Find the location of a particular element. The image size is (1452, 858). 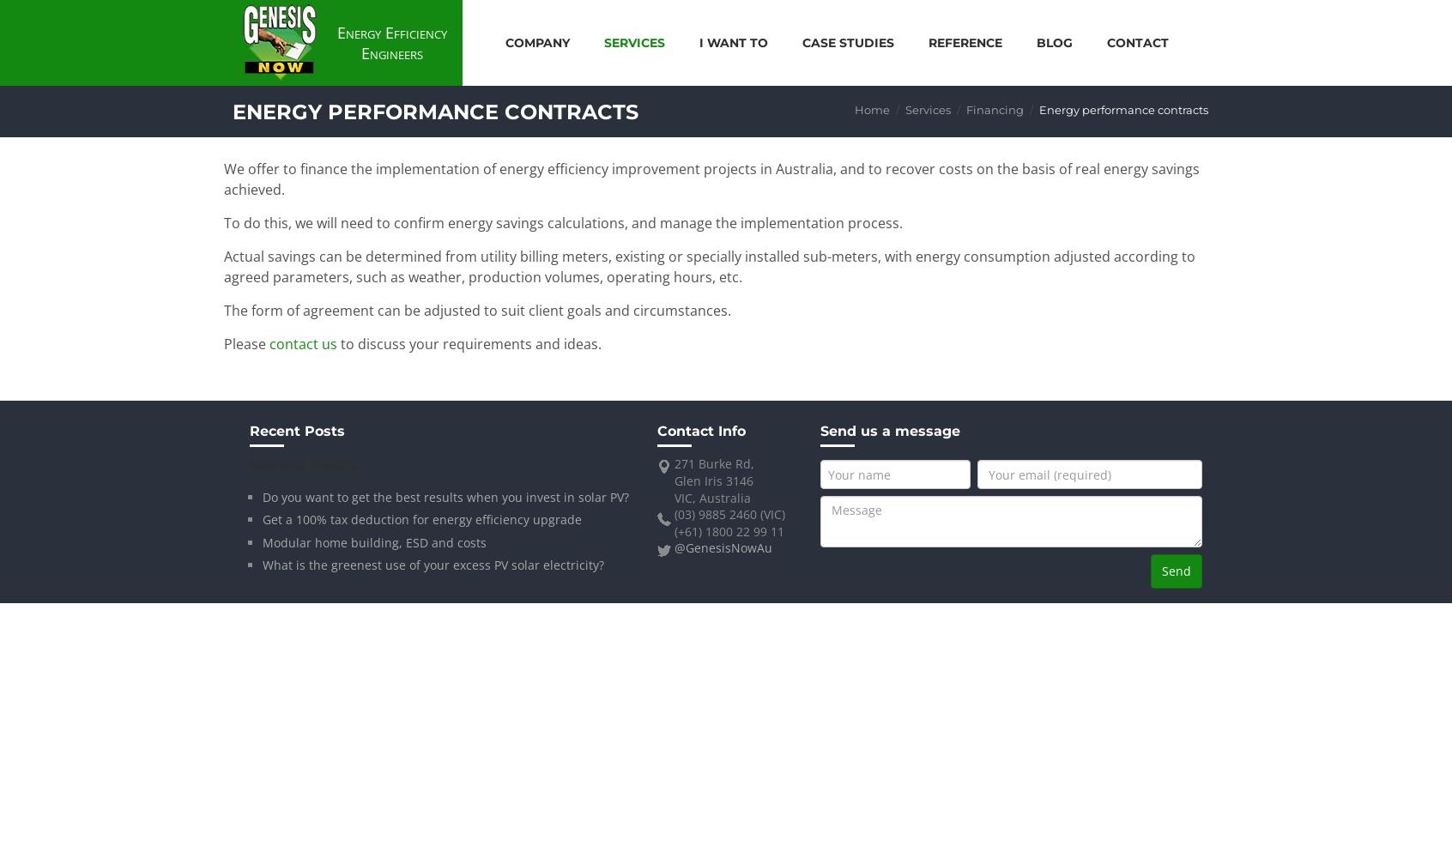

'Financing' is located at coordinates (611, 202).